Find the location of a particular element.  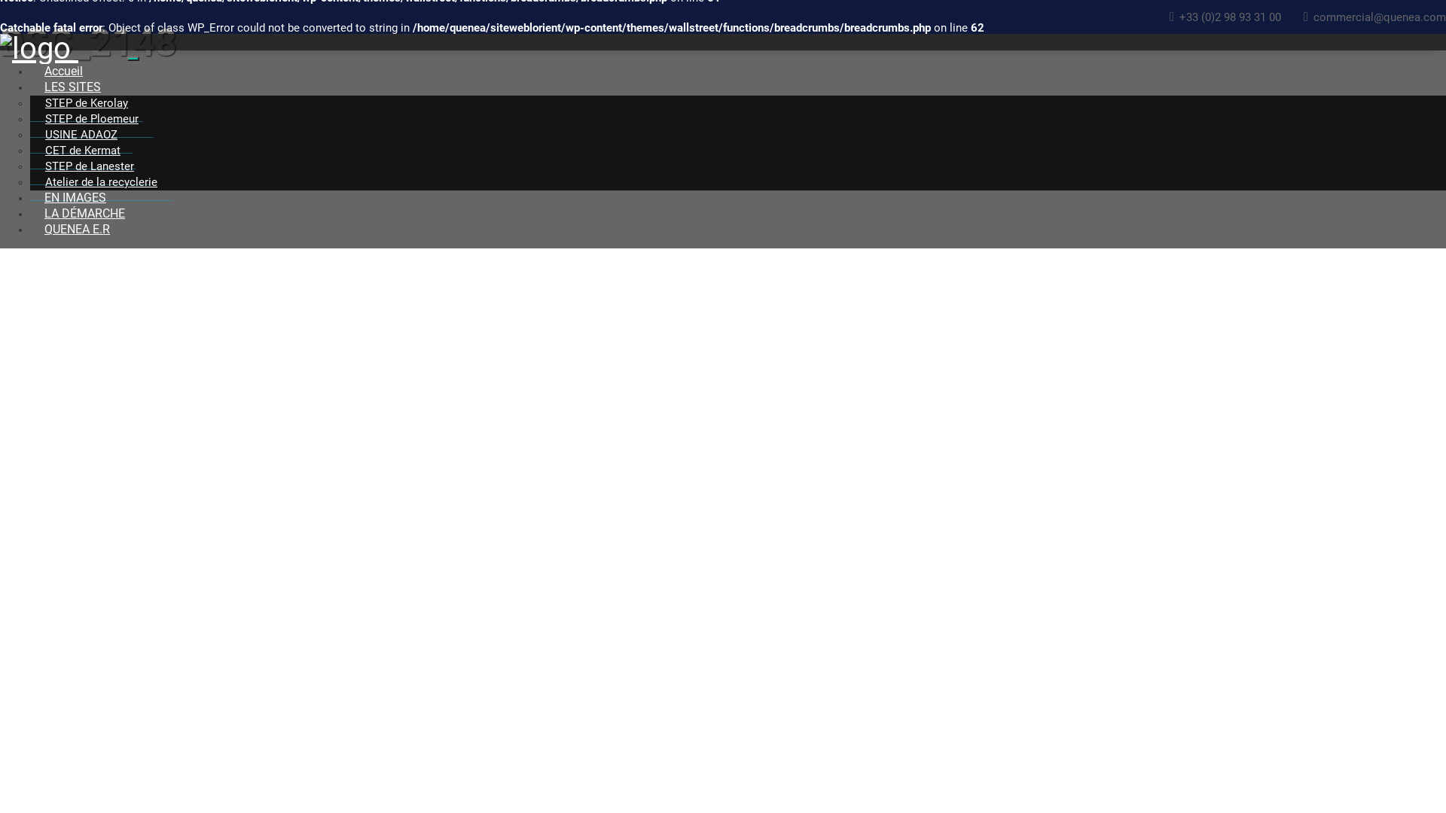

'LES SITES' is located at coordinates (72, 87).